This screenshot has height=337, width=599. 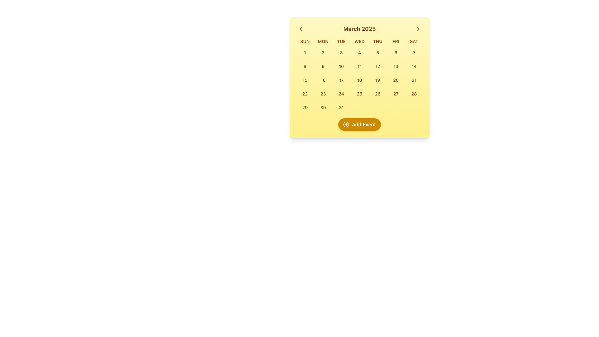 What do you see at coordinates (414, 80) in the screenshot?
I see `the clickable date cell representing the date '21' in the calendar grid` at bounding box center [414, 80].